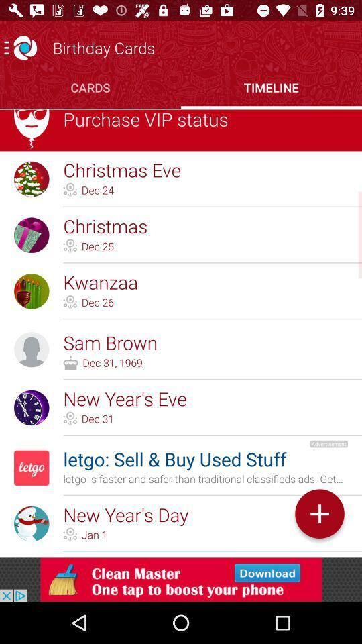  What do you see at coordinates (71, 362) in the screenshot?
I see `the icon which left to the  dec 31 1969` at bounding box center [71, 362].